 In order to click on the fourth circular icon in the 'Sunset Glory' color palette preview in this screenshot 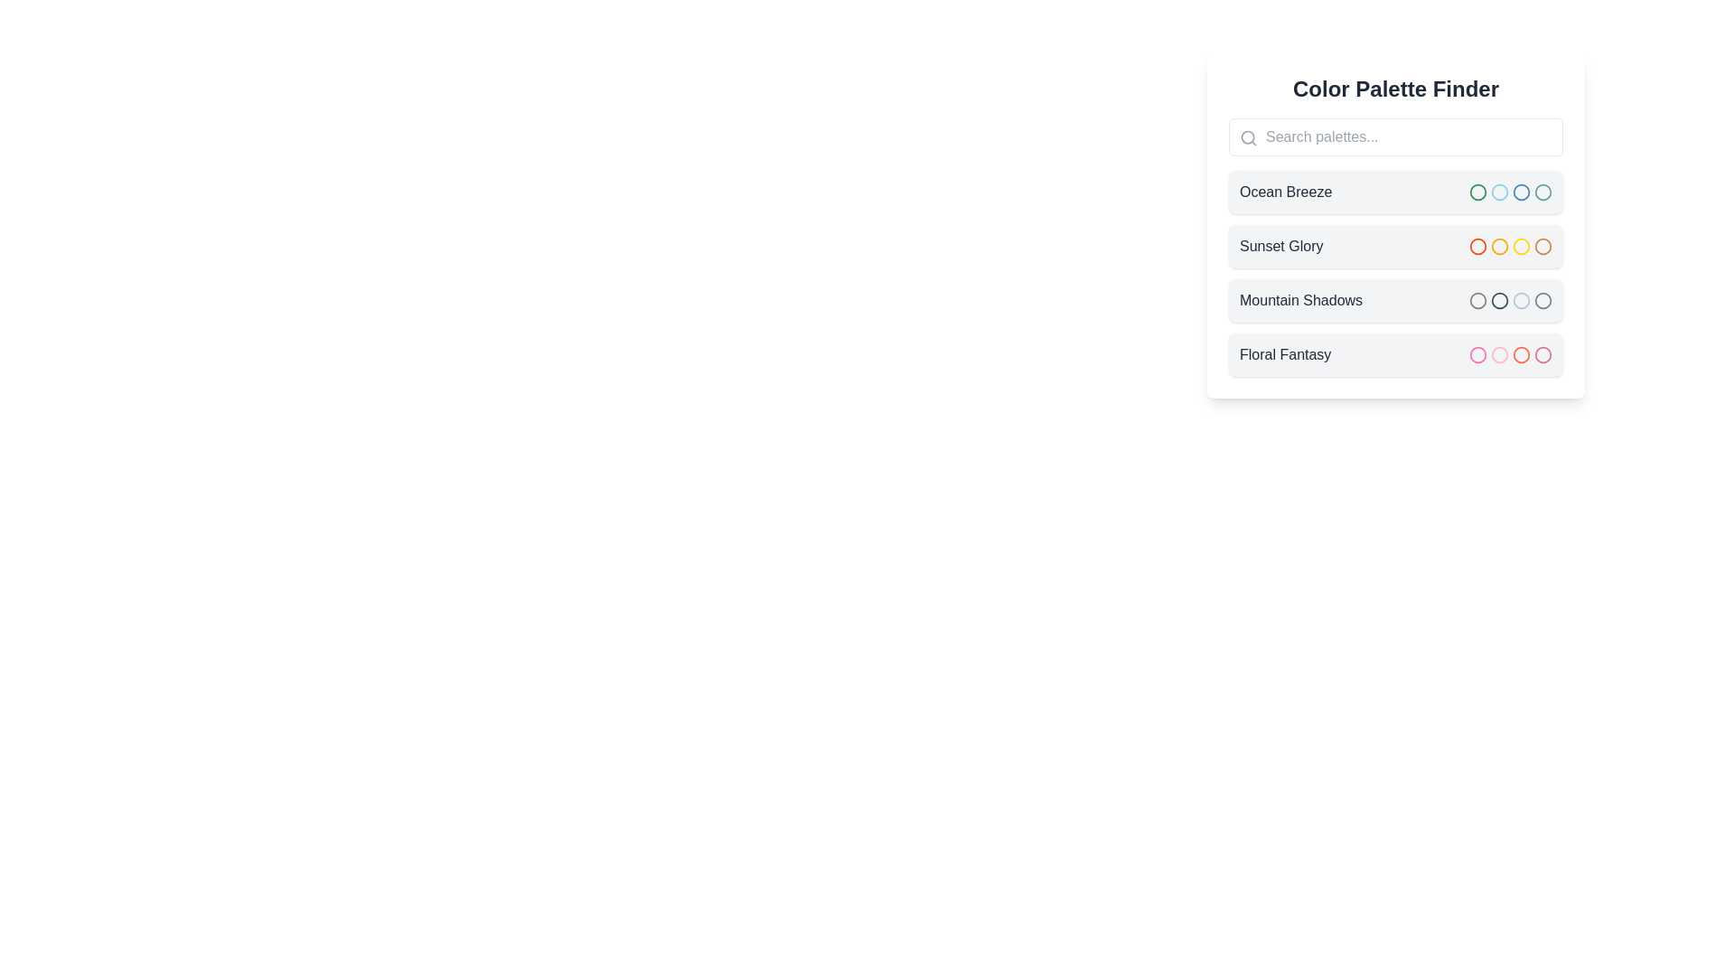, I will do `click(1543, 247)`.